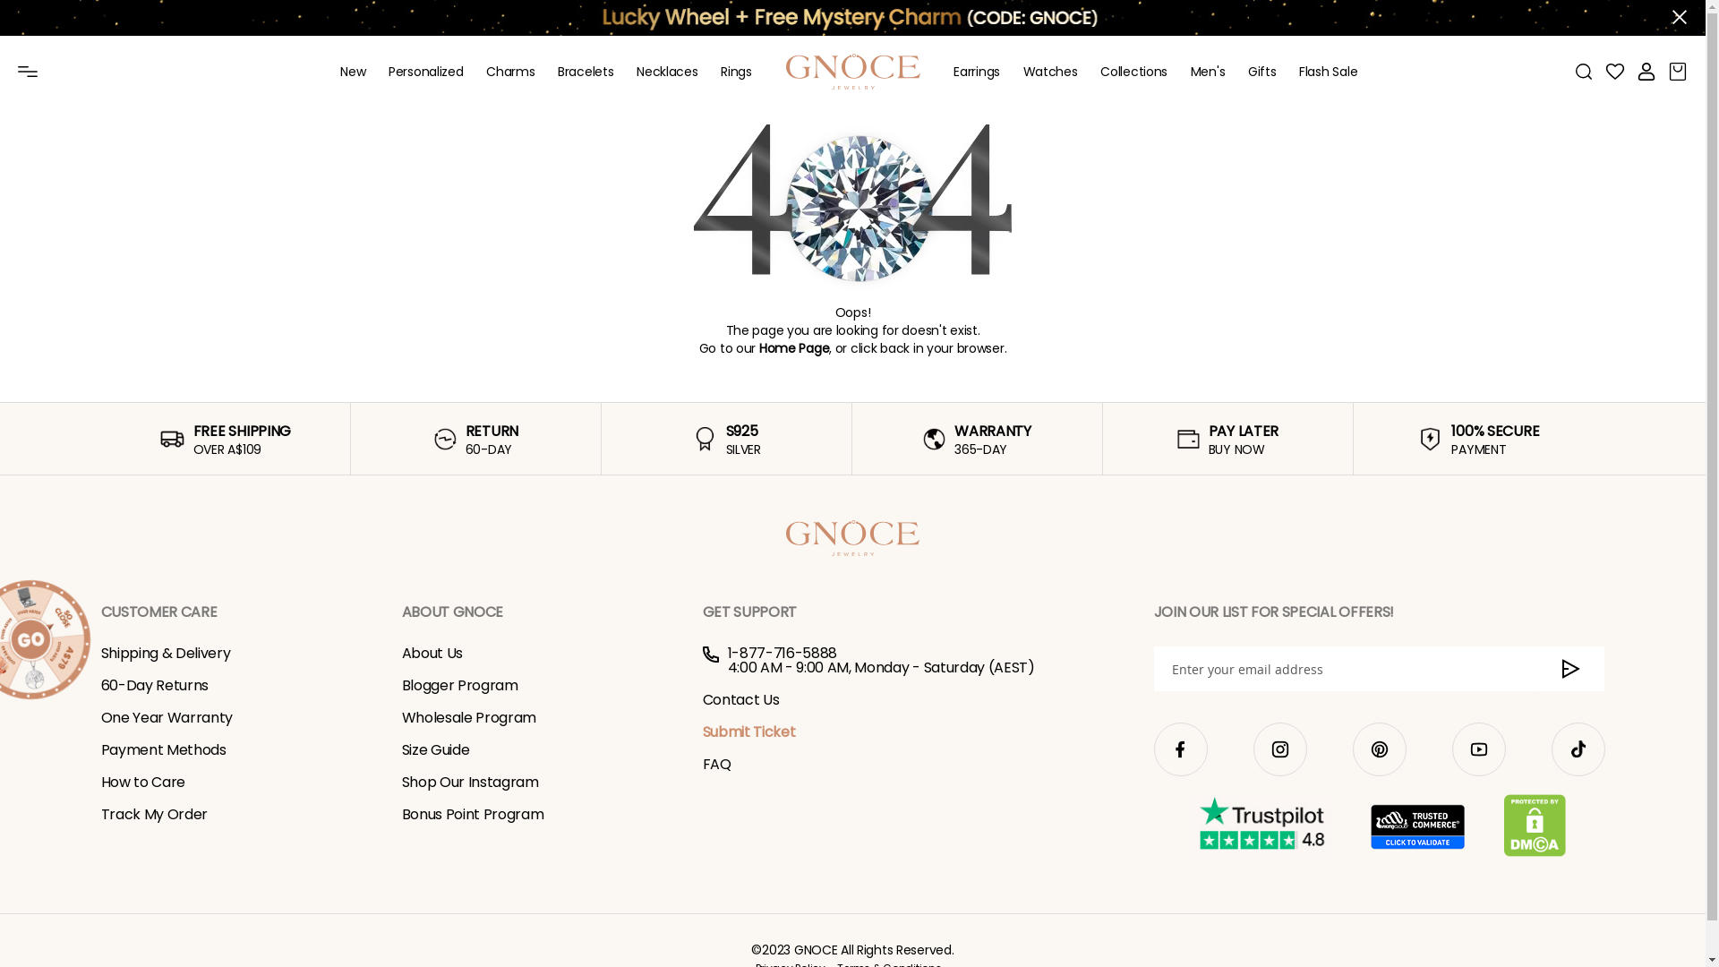 This screenshot has height=967, width=1719. I want to click on 'Flash Sale', so click(1328, 71).